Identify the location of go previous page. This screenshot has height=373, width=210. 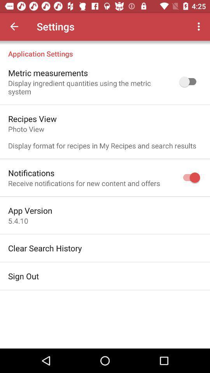
(14, 26).